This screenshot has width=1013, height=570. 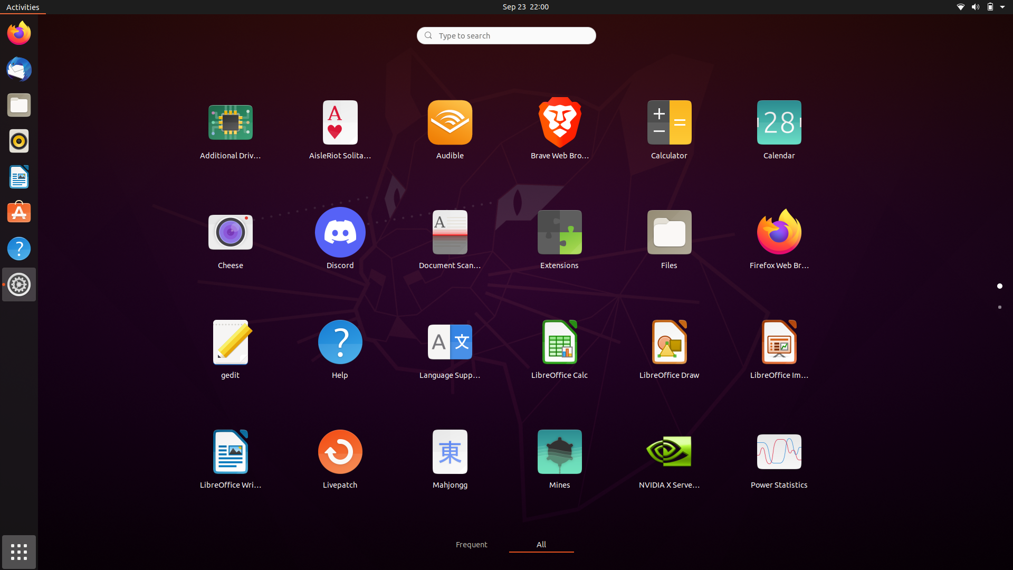 I want to click on Keyboard open, then click and search "tools, so click(x=505, y=34).